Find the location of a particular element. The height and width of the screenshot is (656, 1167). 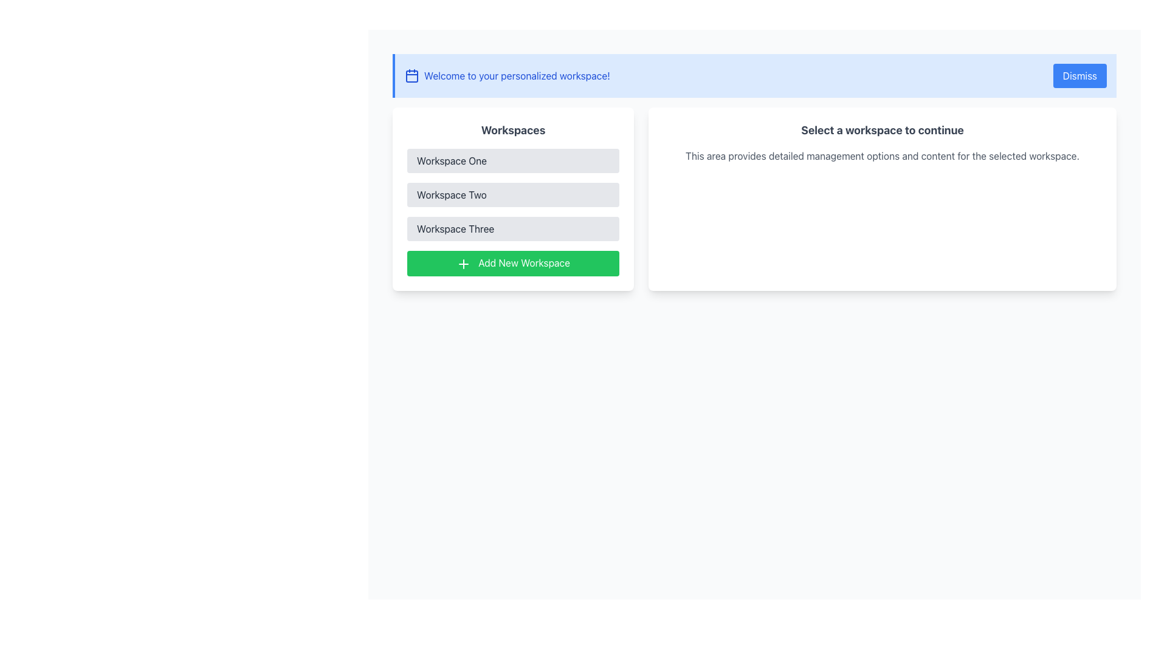

the 'Create New Workspace' button located at the bottom of the 'Workspaces' card for accessibility purposes is located at coordinates (513, 262).